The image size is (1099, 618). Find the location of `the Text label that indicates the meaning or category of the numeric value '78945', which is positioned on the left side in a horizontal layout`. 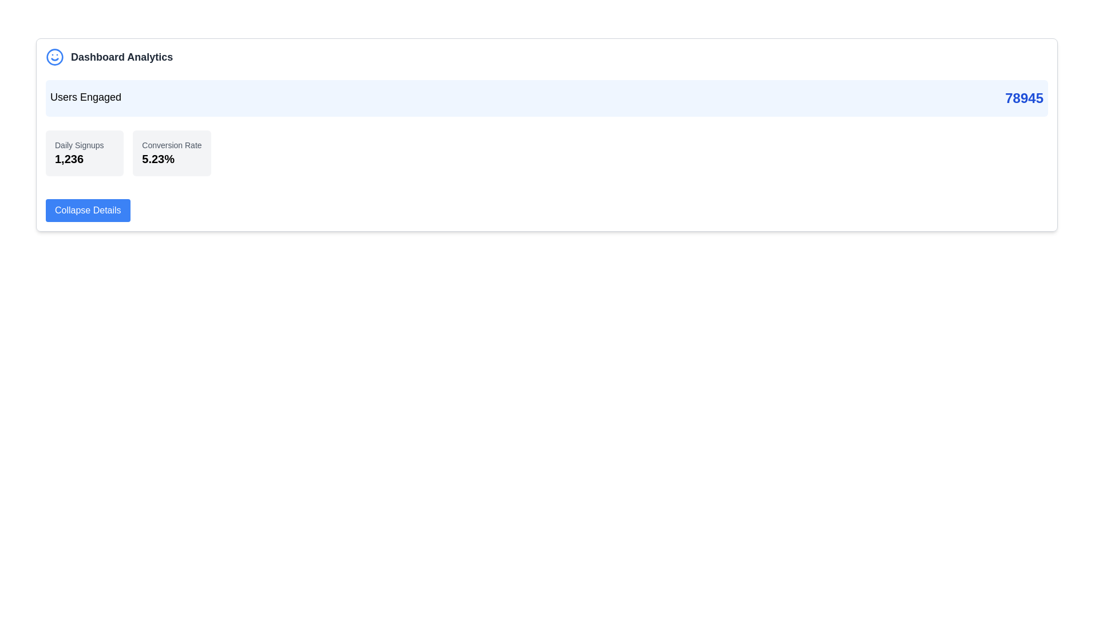

the Text label that indicates the meaning or category of the numeric value '78945', which is positioned on the left side in a horizontal layout is located at coordinates (85, 98).